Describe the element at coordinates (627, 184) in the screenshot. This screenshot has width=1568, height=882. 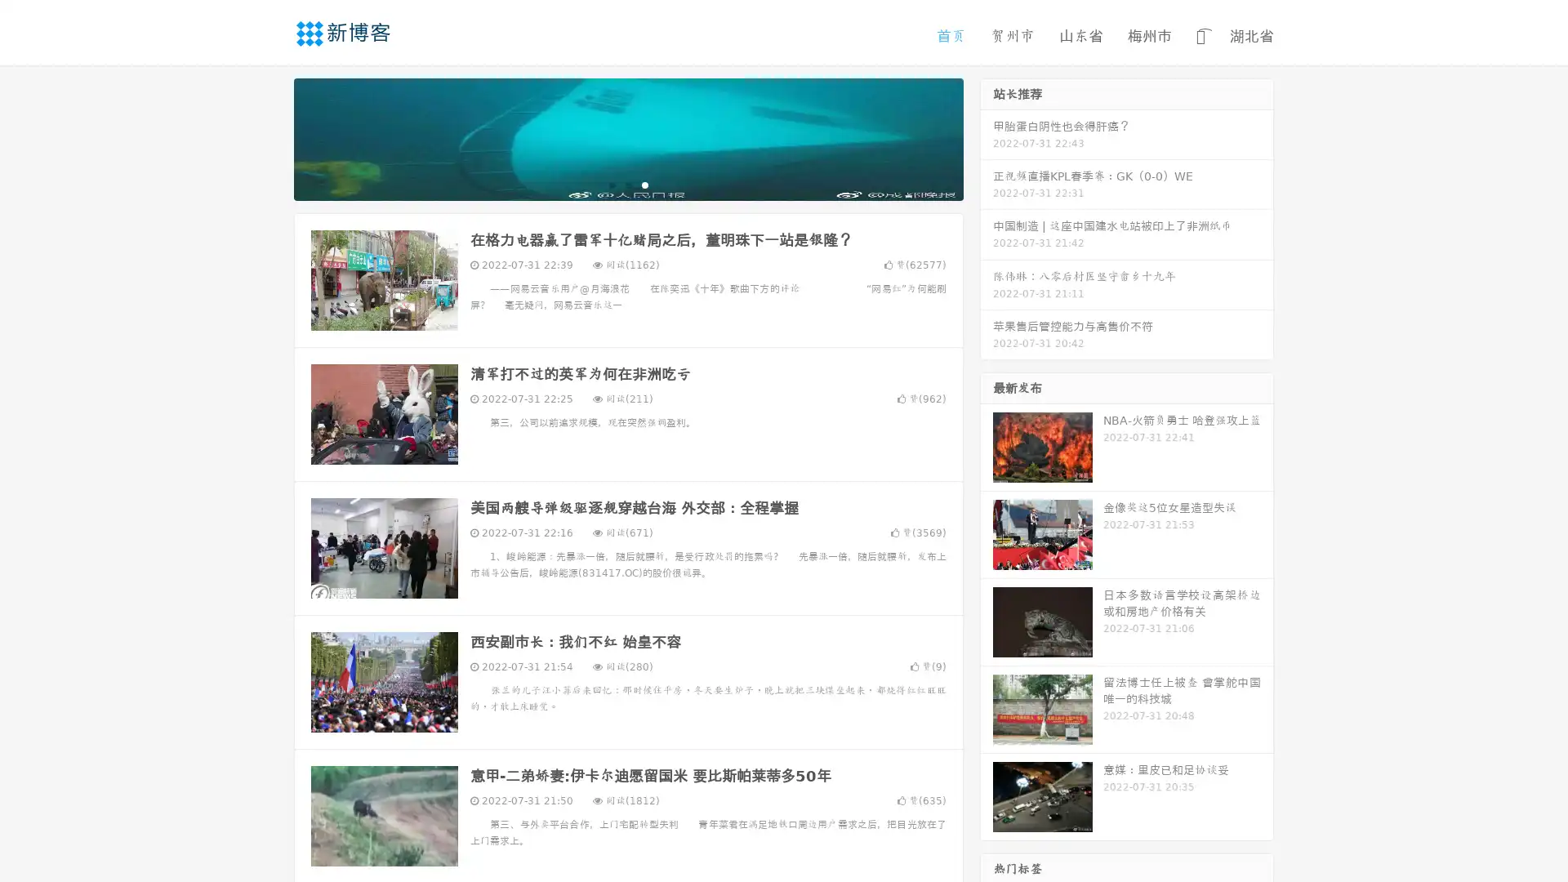
I see `Go to slide 2` at that location.